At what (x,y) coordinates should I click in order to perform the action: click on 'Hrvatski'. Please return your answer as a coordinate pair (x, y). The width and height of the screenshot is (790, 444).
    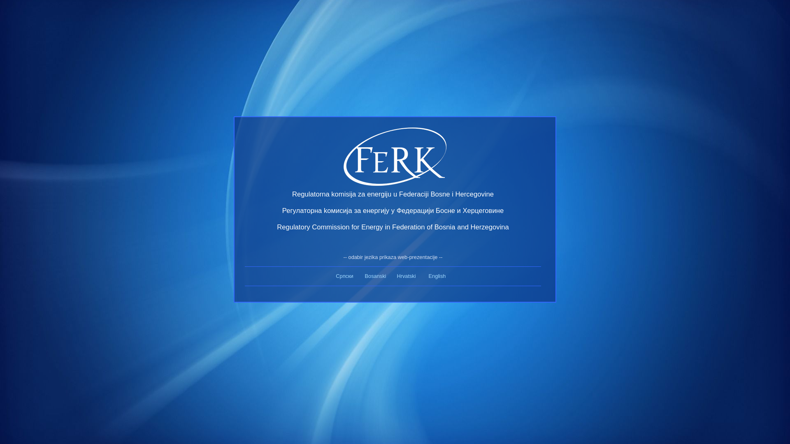
    Looking at the image, I should click on (406, 276).